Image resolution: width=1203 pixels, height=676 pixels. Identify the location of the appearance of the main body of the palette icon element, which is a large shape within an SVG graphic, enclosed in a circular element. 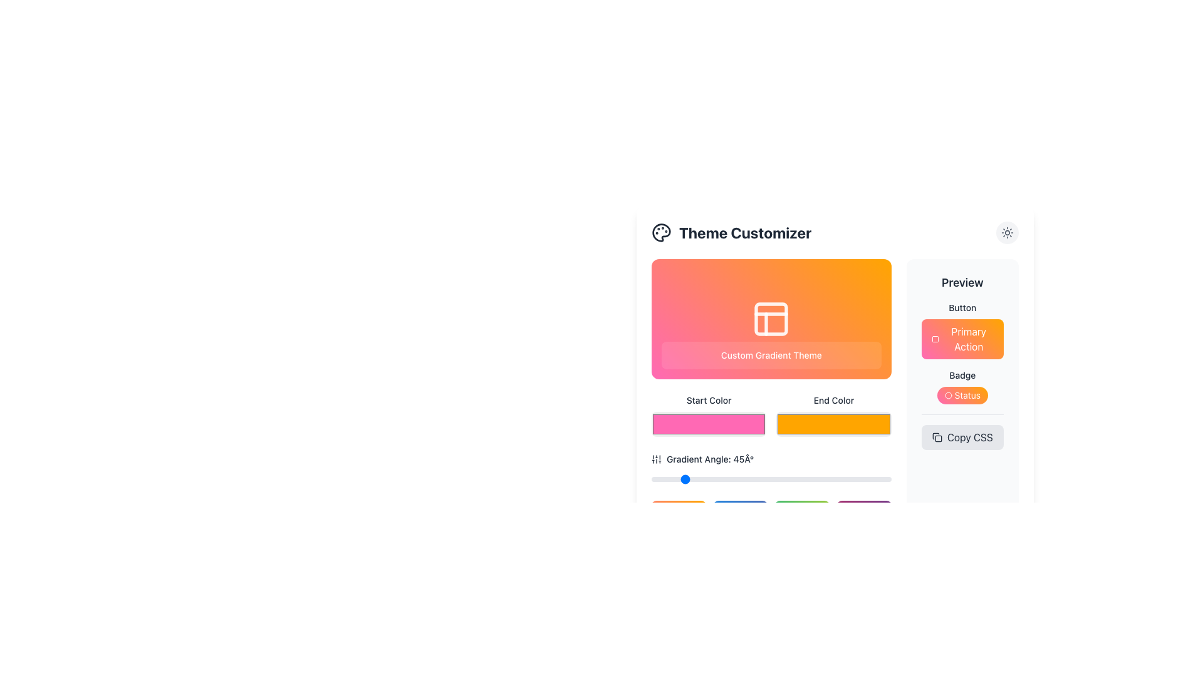
(661, 232).